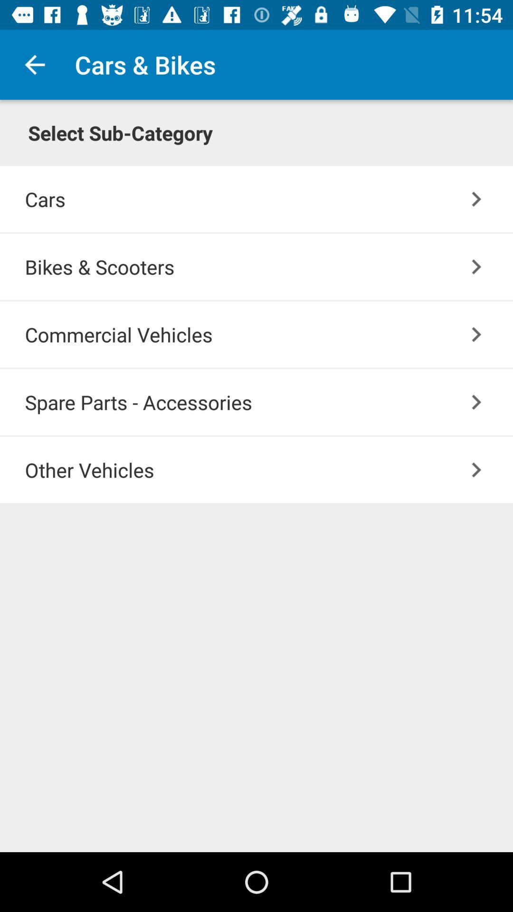 Image resolution: width=513 pixels, height=912 pixels. What do you see at coordinates (476, 402) in the screenshot?
I see `the item below commercial vehicles item` at bounding box center [476, 402].